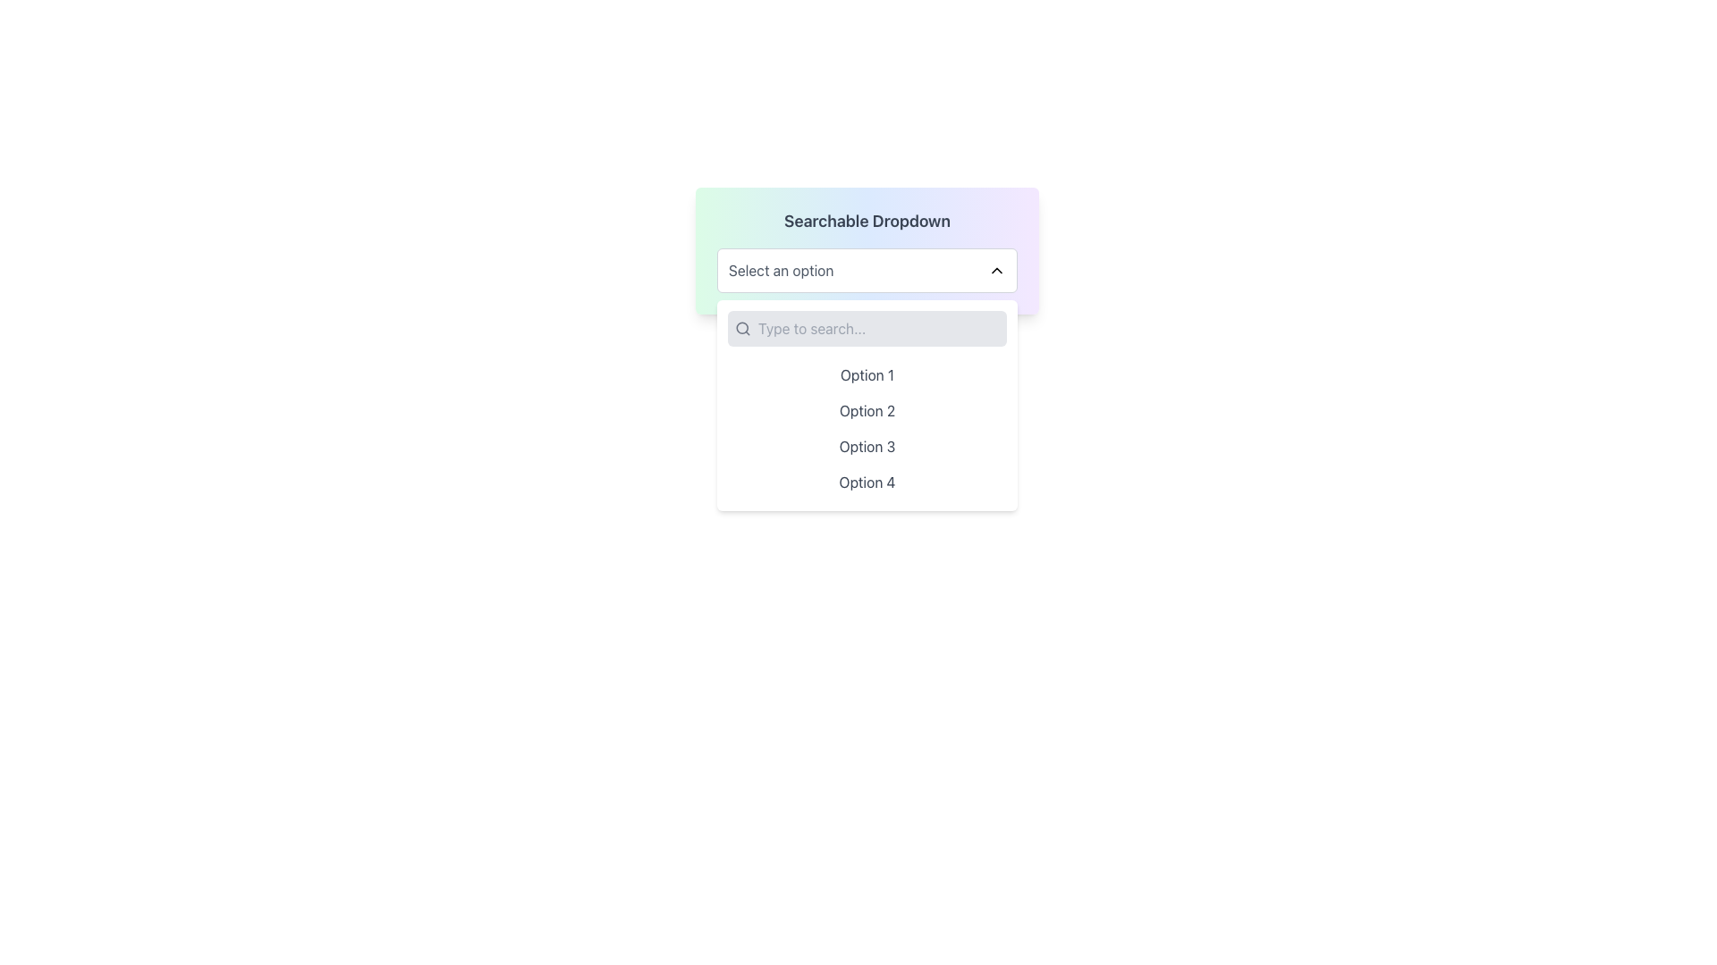 Image resolution: width=1717 pixels, height=965 pixels. Describe the element at coordinates (867, 251) in the screenshot. I see `the 'Select an option' area of the 'Searchable Dropdown'` at that location.